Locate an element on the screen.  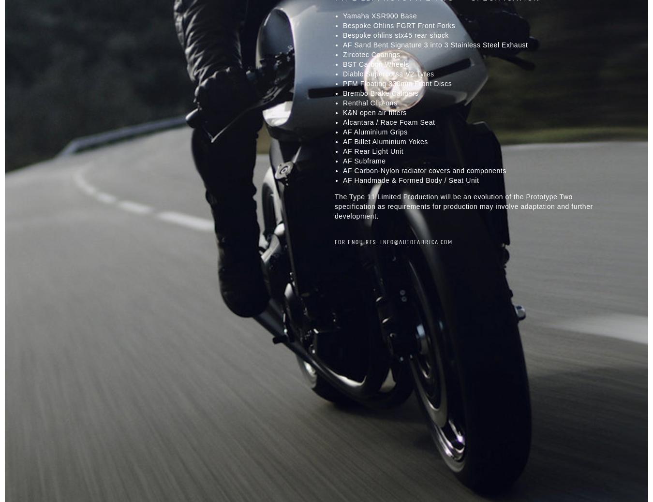
'Yamaha XSR900 Base' is located at coordinates (379, 15).